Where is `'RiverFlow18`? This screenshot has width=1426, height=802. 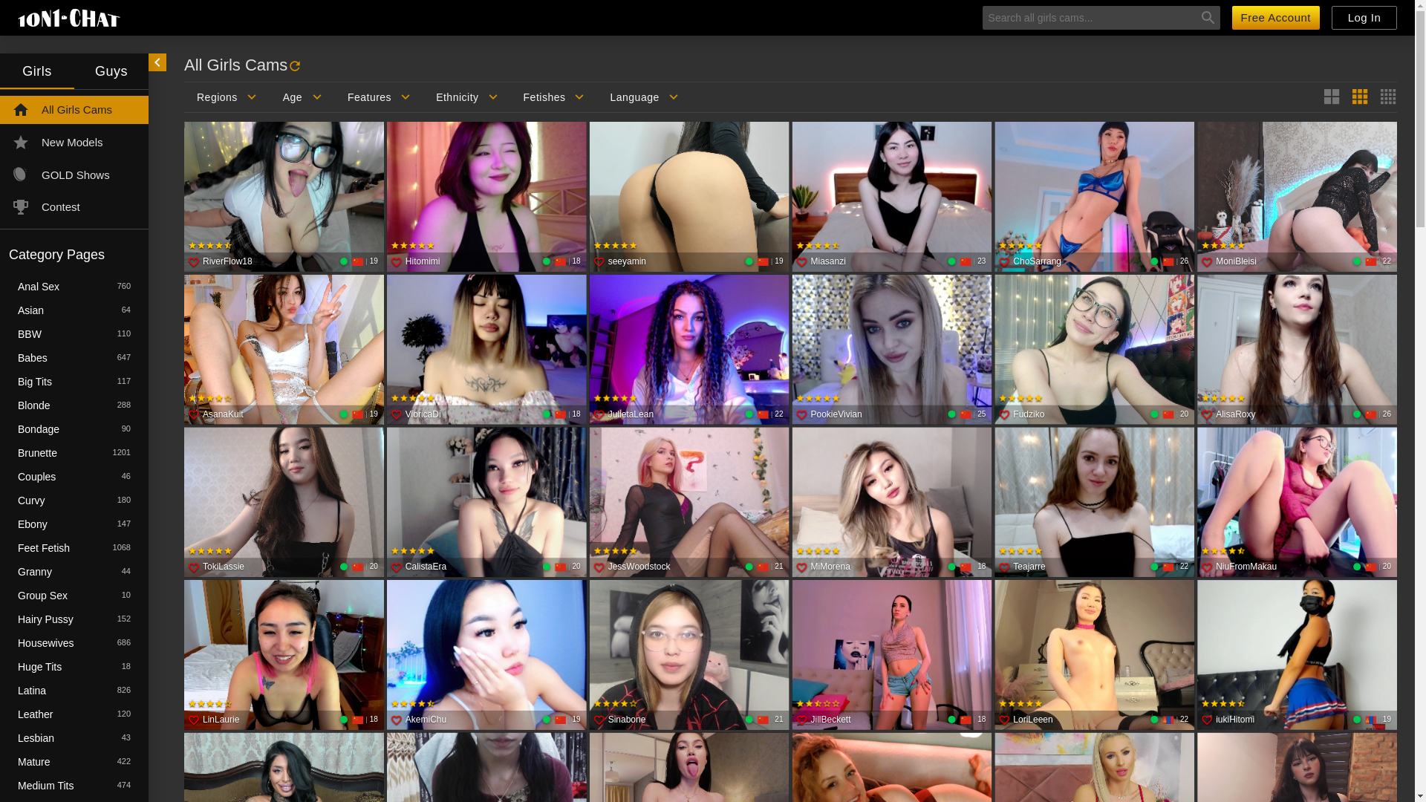
'RiverFlow18 is located at coordinates (284, 197).